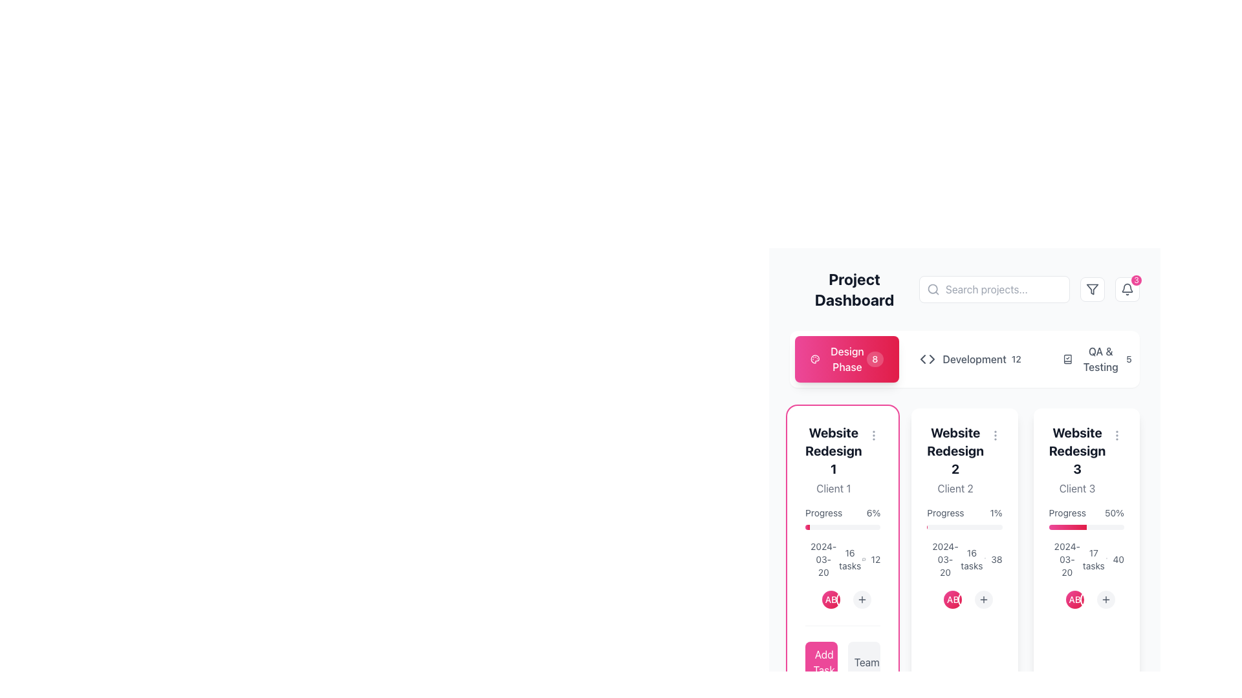 This screenshot has width=1242, height=698. Describe the element at coordinates (1126, 288) in the screenshot. I see `the Notification Icon, located in the top-right portion of the interface` at that location.